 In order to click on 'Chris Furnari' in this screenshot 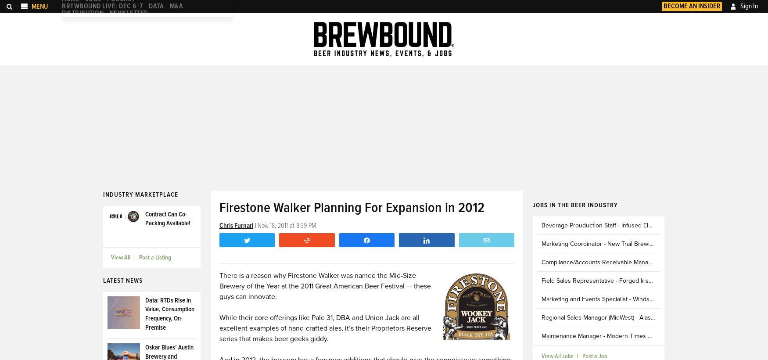, I will do `click(235, 225)`.